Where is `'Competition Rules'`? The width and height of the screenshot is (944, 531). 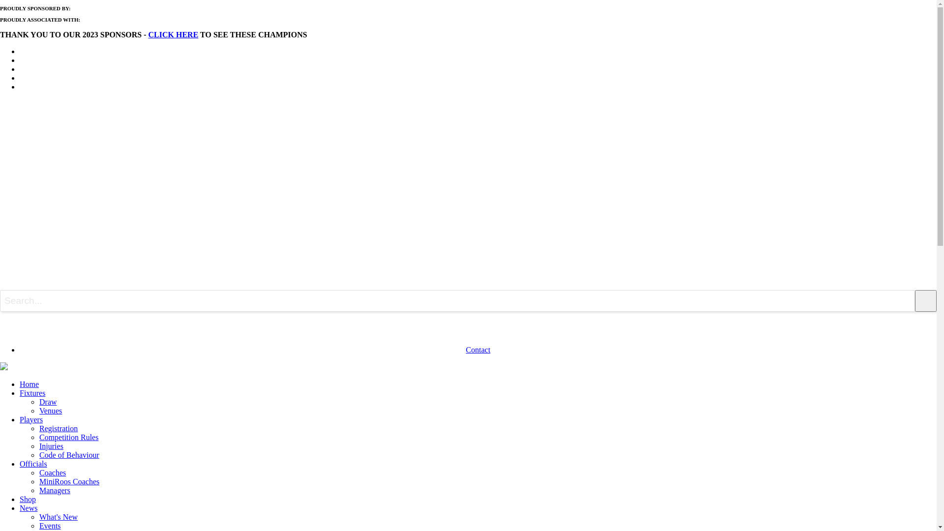 'Competition Rules' is located at coordinates (68, 437).